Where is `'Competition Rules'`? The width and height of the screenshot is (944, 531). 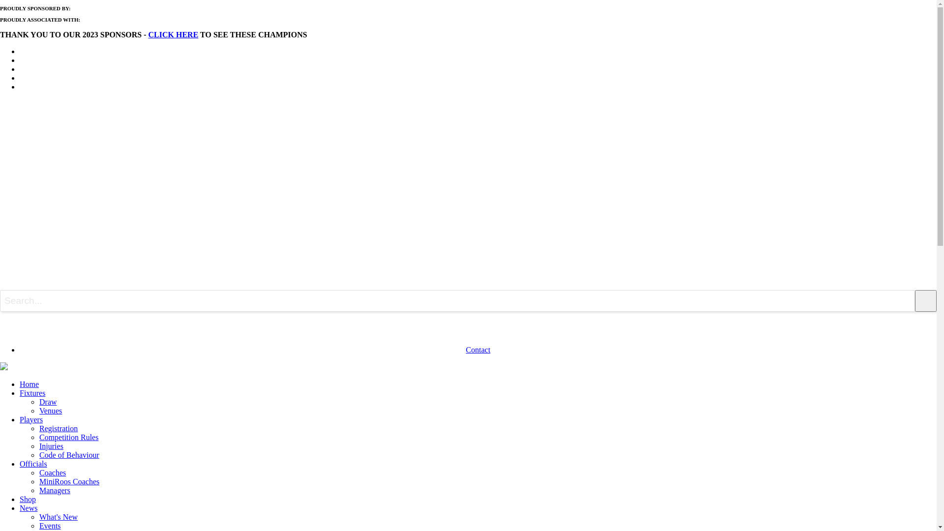 'Competition Rules' is located at coordinates (68, 437).